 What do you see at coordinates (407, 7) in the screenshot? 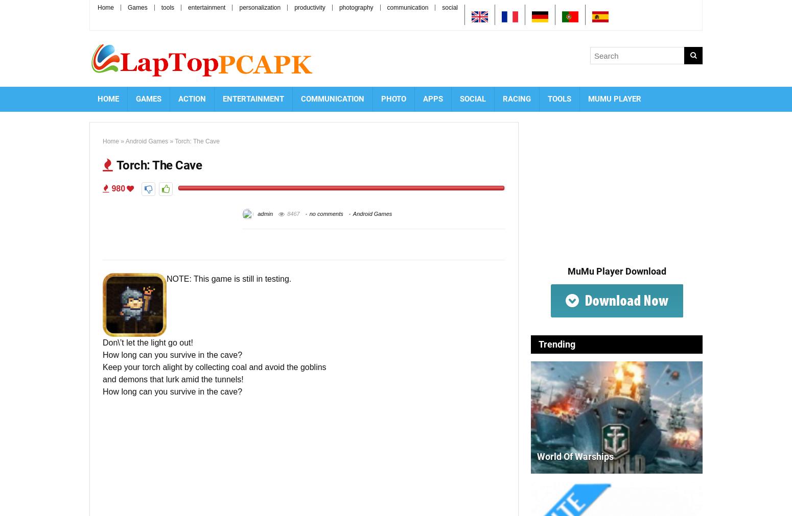
I see `'communication'` at bounding box center [407, 7].